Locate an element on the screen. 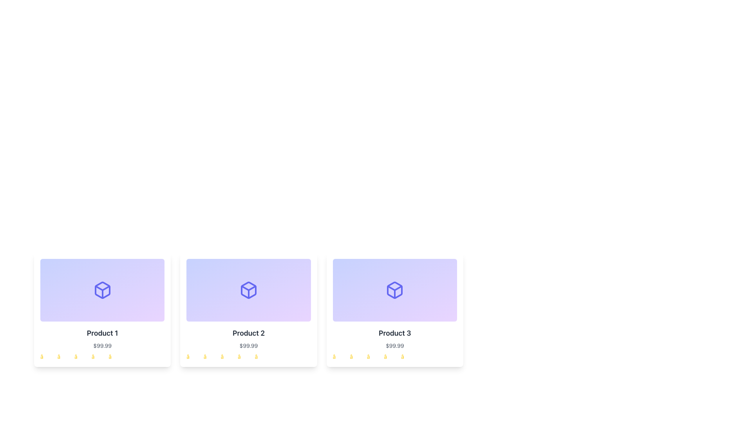 The height and width of the screenshot is (423, 752). the visual placeholder with a gradient background and a 3D box icon located at the top of the 'Product 3' card is located at coordinates (395, 290).